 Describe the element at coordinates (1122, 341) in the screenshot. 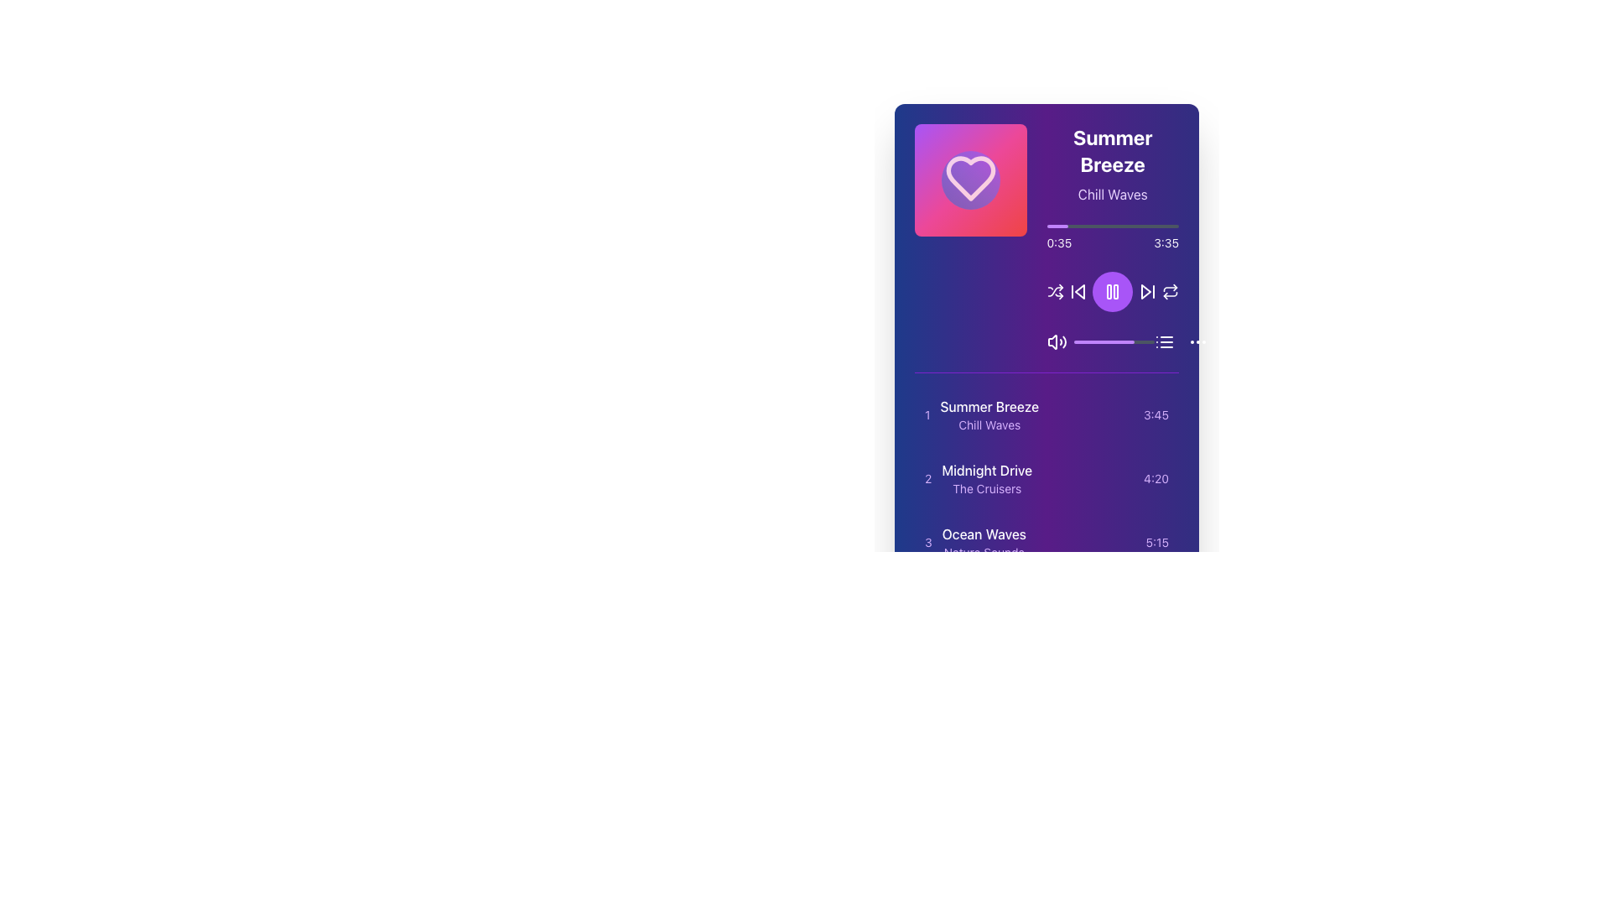

I see `the progress value` at that location.